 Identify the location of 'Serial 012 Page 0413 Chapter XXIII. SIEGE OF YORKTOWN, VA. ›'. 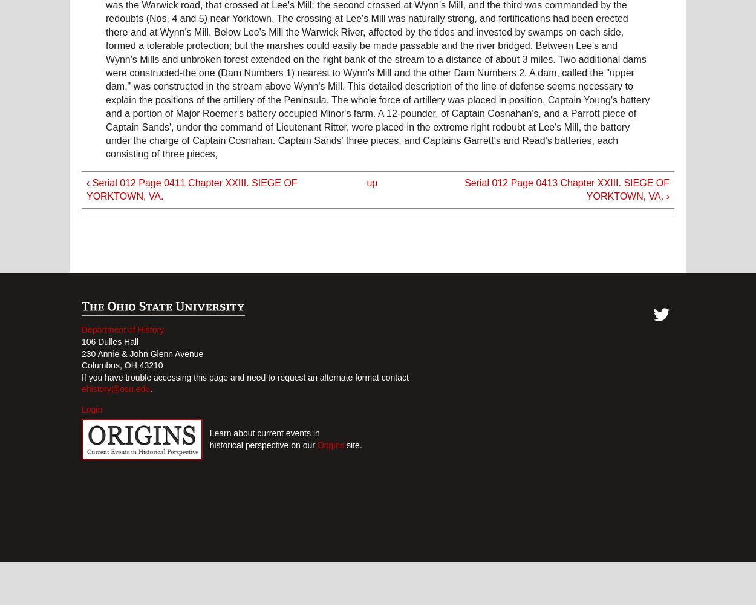
(464, 189).